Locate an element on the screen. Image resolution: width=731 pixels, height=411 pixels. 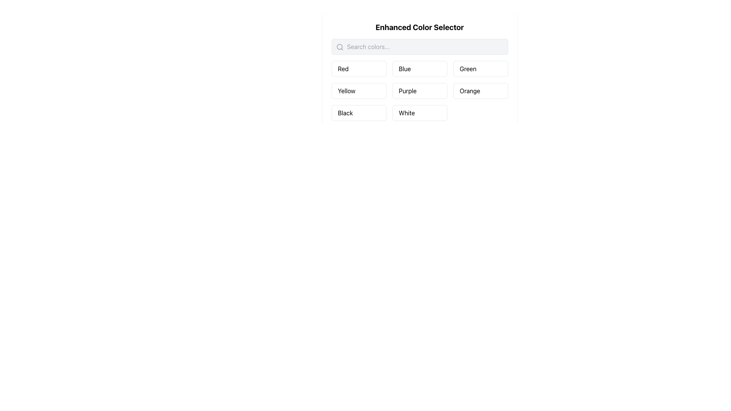
the 'Blue' button in the Enhanced Color Selector grid is located at coordinates (404, 69).